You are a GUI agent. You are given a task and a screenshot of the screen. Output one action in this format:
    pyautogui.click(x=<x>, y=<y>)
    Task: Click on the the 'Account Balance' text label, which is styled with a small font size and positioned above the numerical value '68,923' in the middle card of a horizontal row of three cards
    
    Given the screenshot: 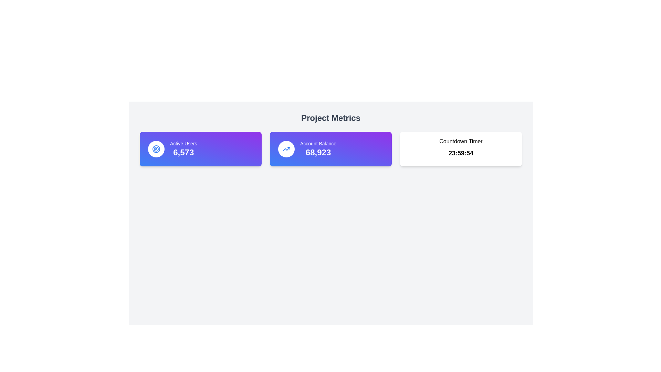 What is the action you would take?
    pyautogui.click(x=318, y=143)
    